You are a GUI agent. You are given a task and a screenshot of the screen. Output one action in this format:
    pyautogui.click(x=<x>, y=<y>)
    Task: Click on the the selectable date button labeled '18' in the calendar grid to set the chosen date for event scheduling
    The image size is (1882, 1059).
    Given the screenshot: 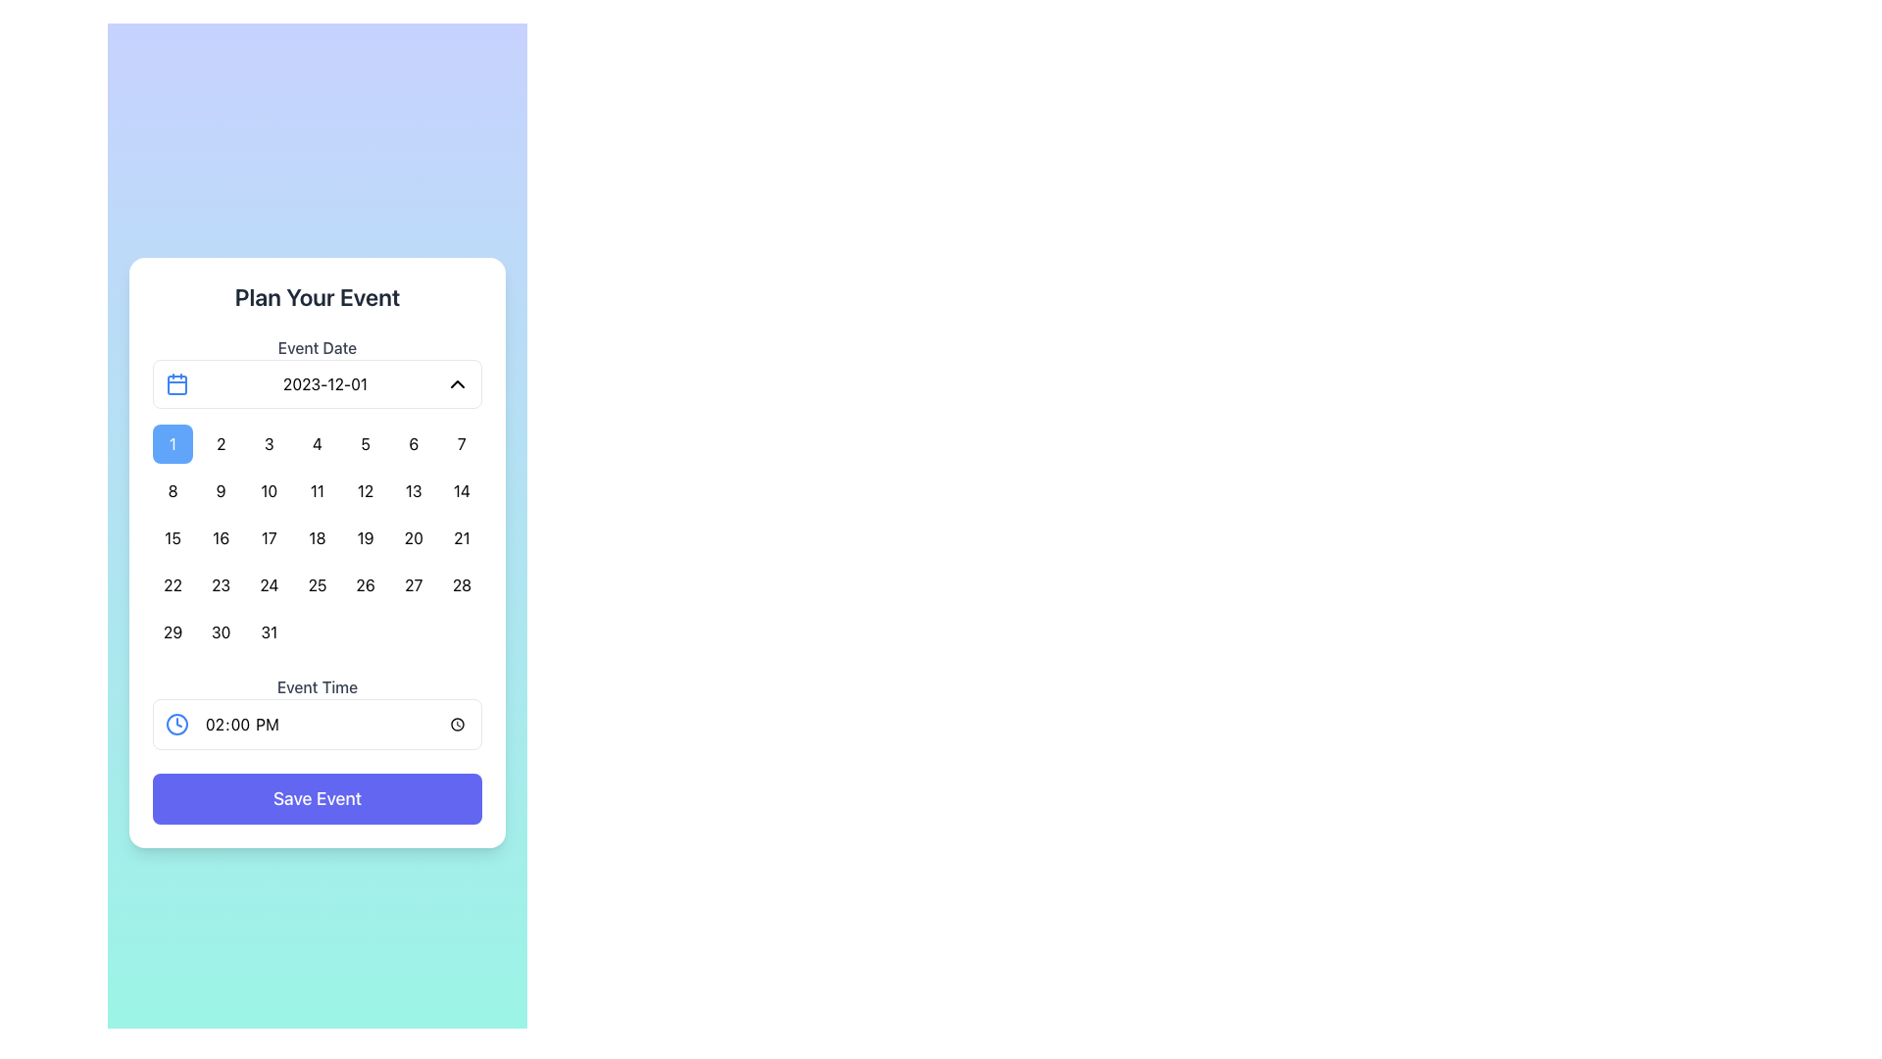 What is the action you would take?
    pyautogui.click(x=317, y=537)
    